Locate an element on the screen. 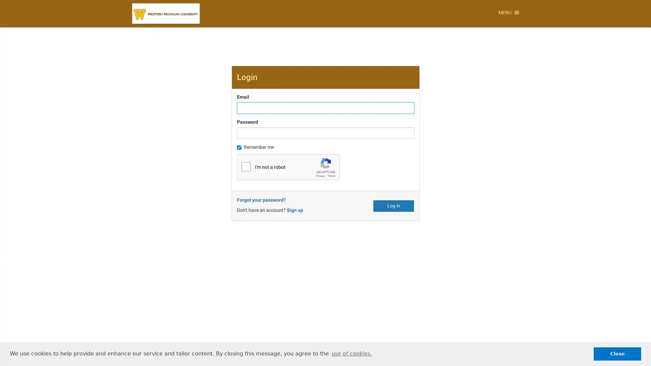 The width and height of the screenshot is (651, 366). Log in is located at coordinates (394, 205).